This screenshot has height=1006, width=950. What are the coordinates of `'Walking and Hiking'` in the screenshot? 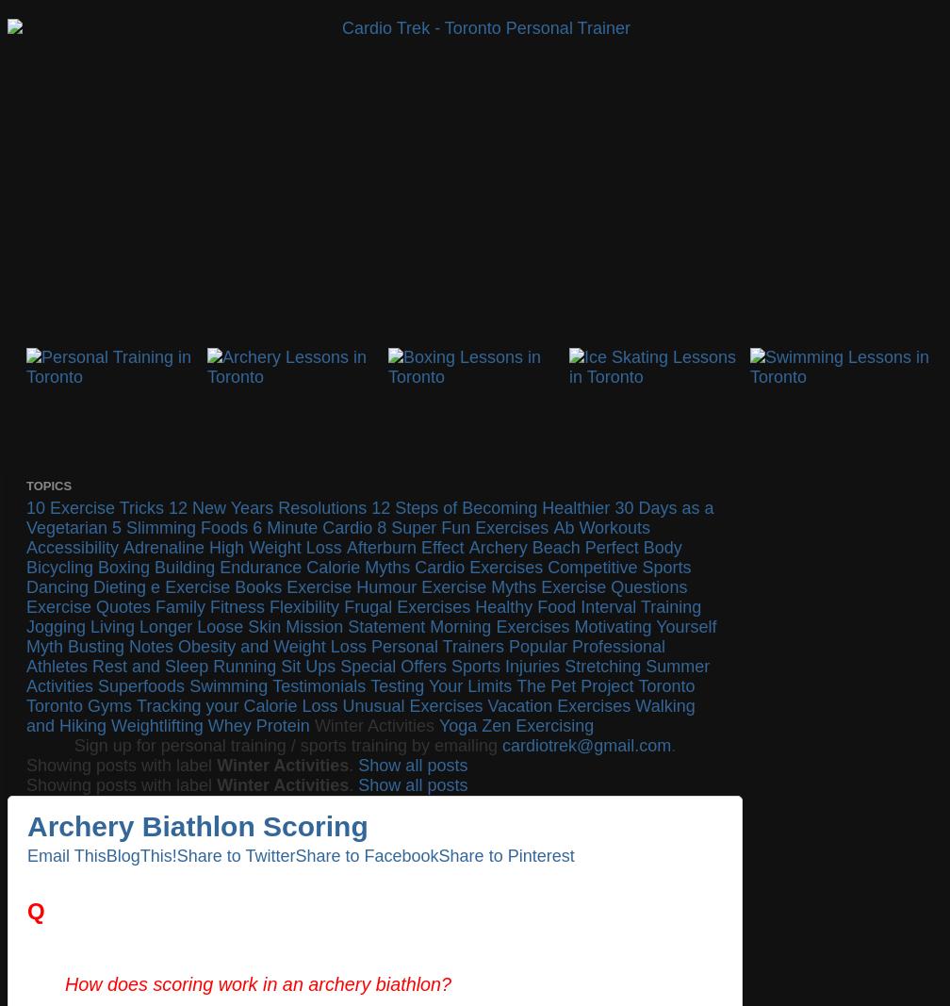 It's located at (26, 715).